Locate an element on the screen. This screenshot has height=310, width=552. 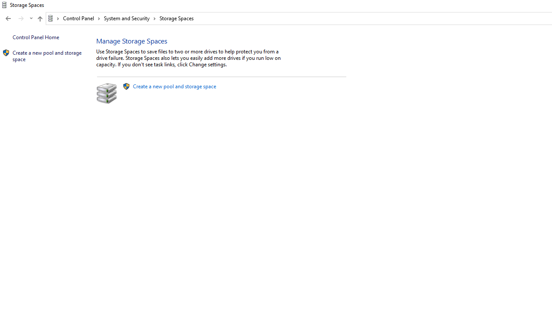
'All locations' is located at coordinates (53, 18).